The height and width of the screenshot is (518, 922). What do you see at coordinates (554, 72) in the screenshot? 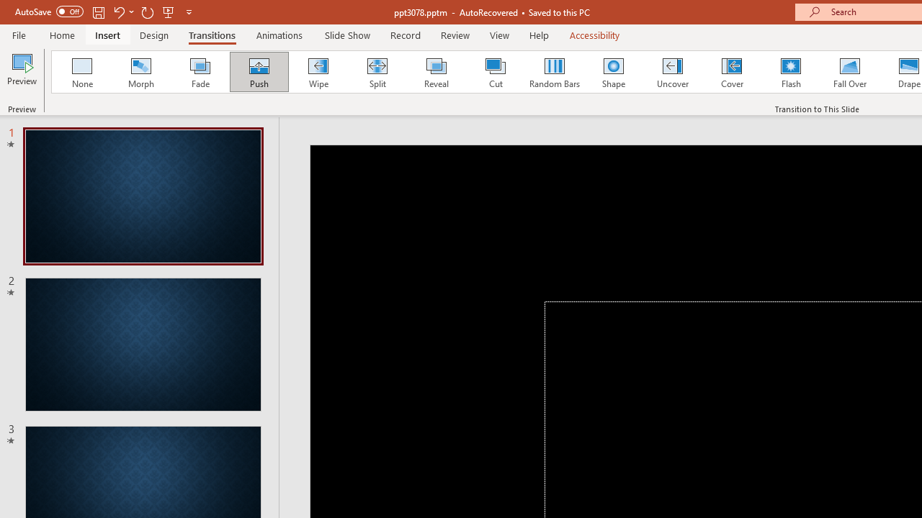
I see `'Random Bars'` at bounding box center [554, 72].